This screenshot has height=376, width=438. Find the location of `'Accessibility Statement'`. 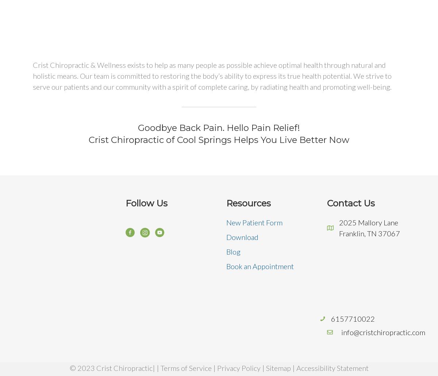

'Accessibility Statement' is located at coordinates (332, 367).